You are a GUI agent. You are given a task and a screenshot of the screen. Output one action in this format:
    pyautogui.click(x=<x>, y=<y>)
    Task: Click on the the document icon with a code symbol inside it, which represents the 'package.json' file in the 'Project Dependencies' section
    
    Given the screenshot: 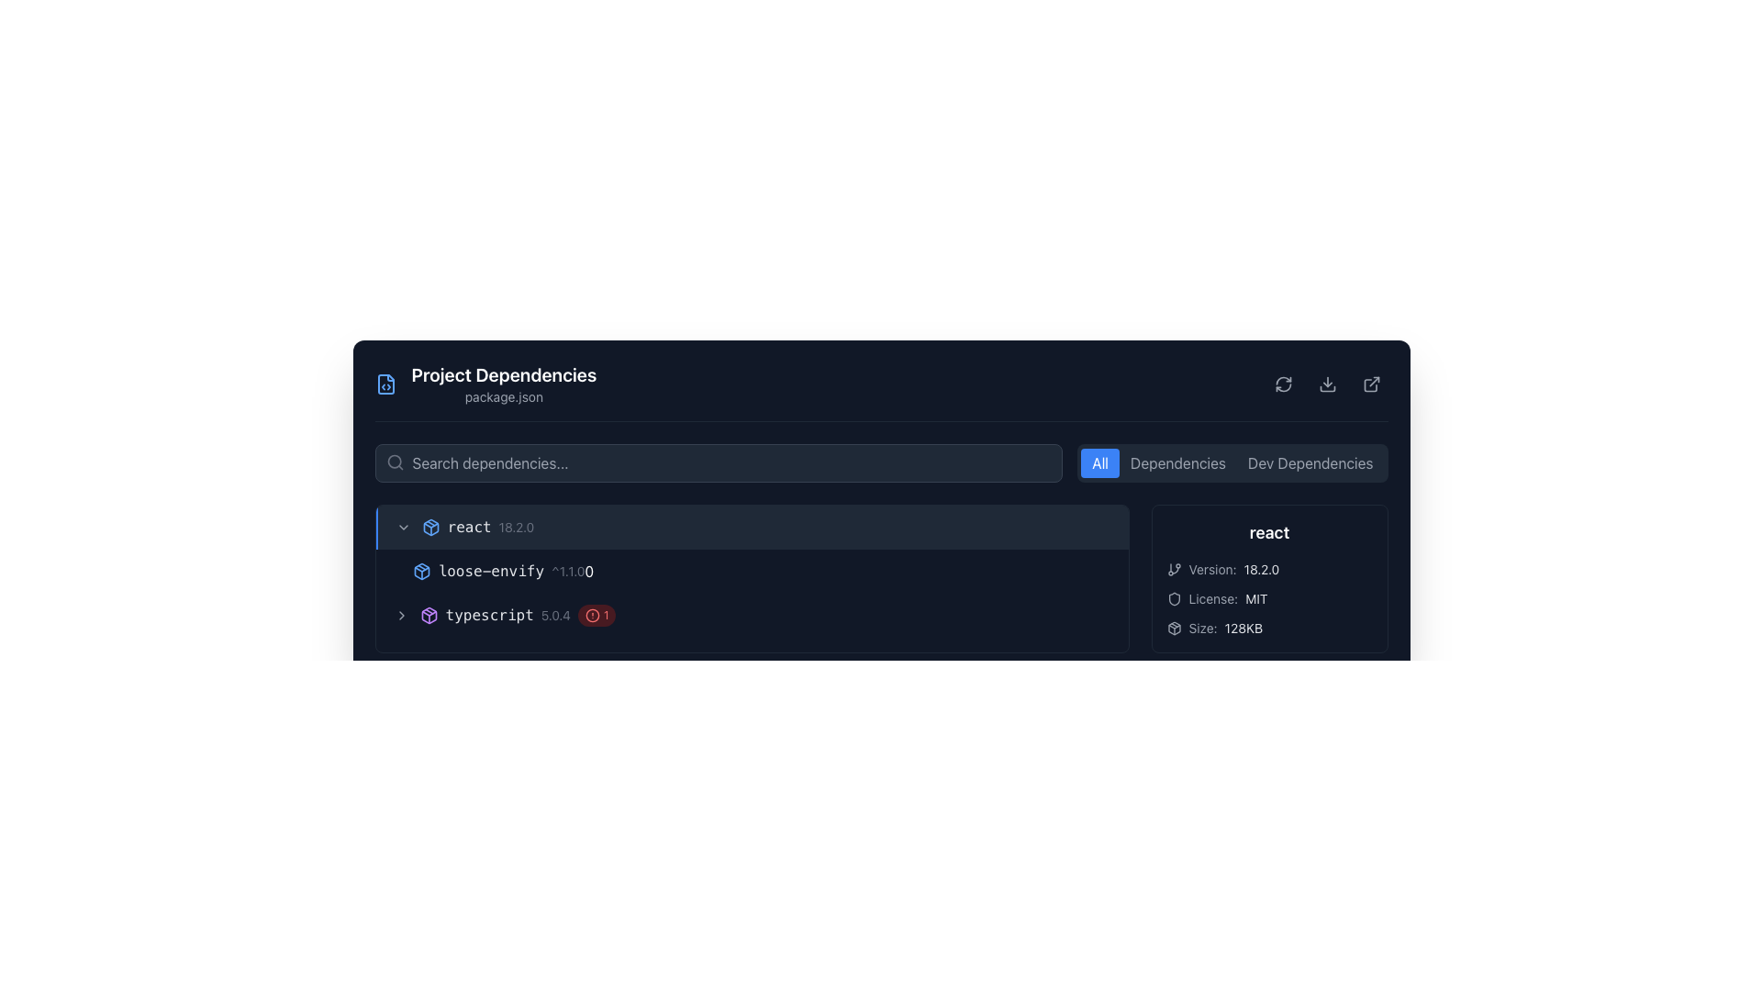 What is the action you would take?
    pyautogui.click(x=385, y=384)
    